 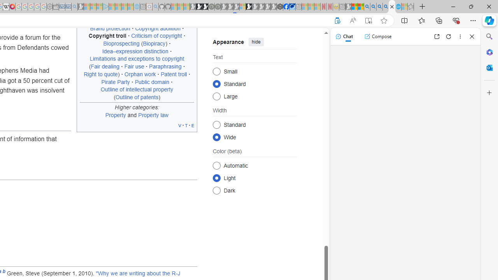 What do you see at coordinates (99, 7) in the screenshot?
I see `'Microsoft account | Privacy - Sleeping'` at bounding box center [99, 7].